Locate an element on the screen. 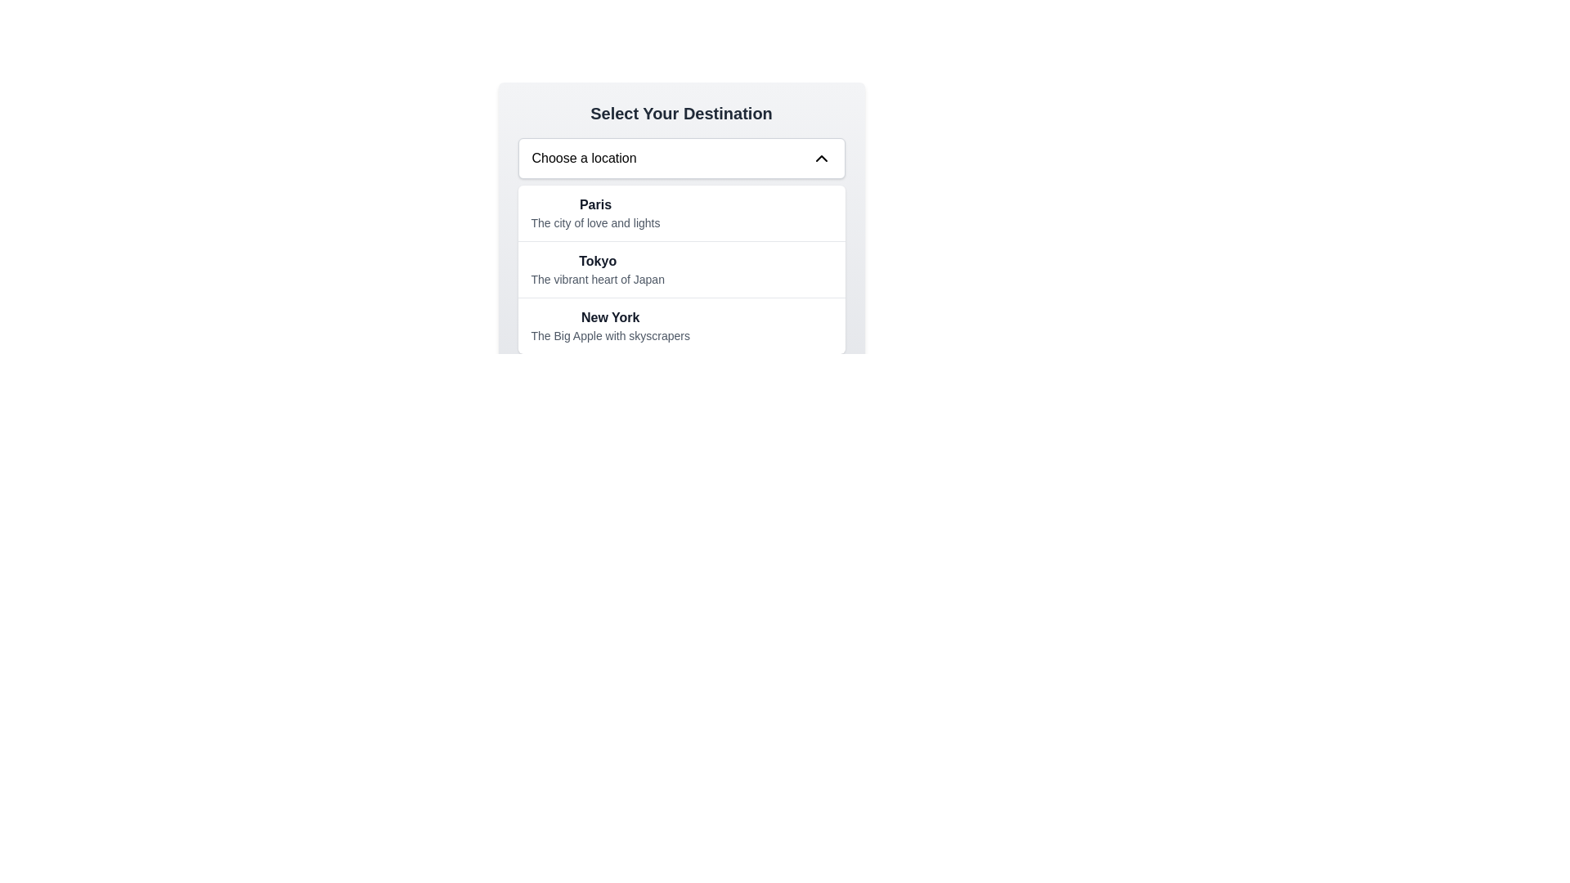 This screenshot has width=1570, height=883. the chevron direction icon at the right end of the 'Choose a location' dropdown is located at coordinates (821, 158).